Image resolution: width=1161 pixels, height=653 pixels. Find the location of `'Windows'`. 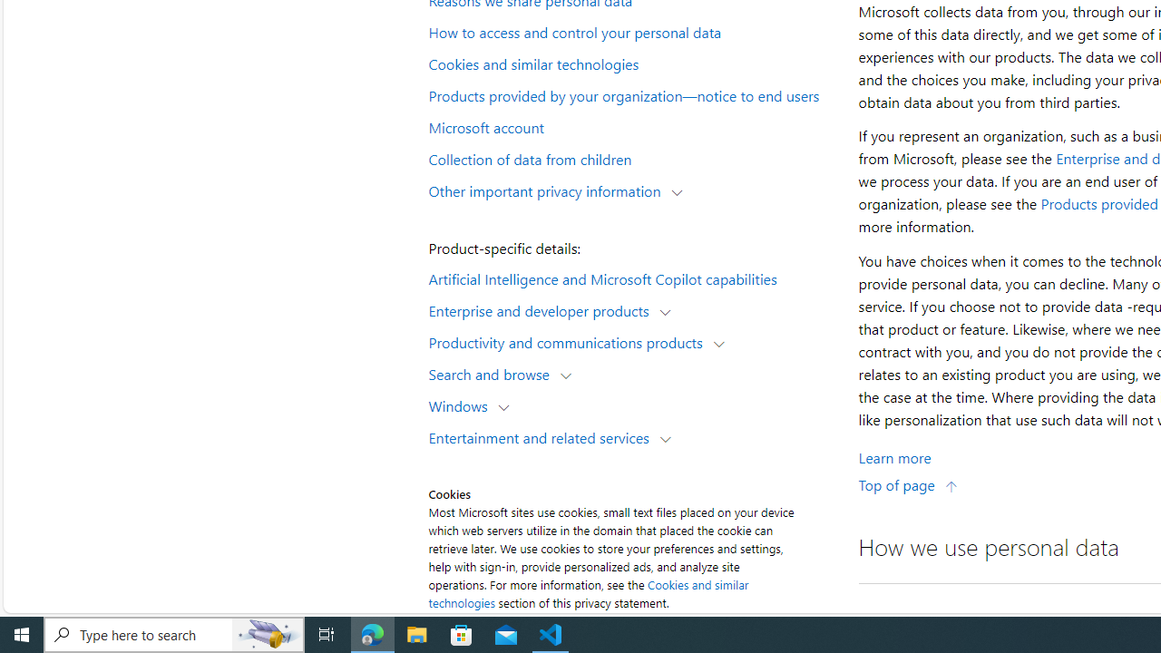

'Windows' is located at coordinates (463, 404).